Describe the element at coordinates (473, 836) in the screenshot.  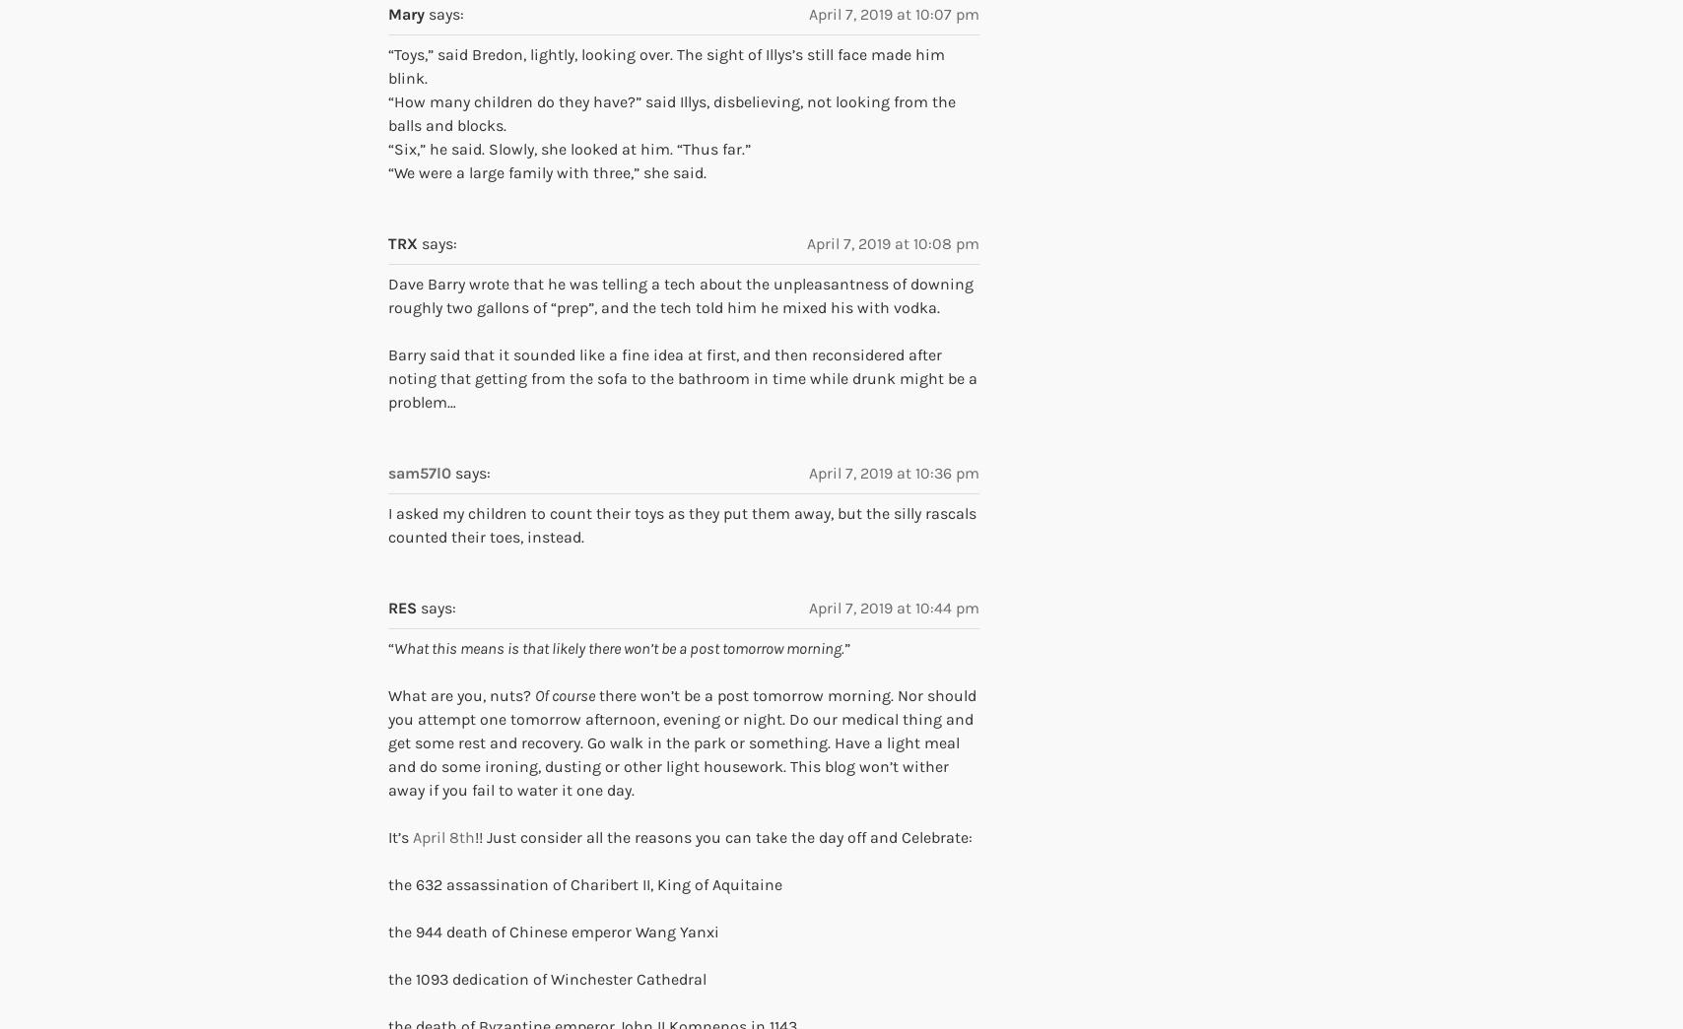
I see `'!!  Just consider all the reasons you can take the day off and Celebrate:'` at that location.